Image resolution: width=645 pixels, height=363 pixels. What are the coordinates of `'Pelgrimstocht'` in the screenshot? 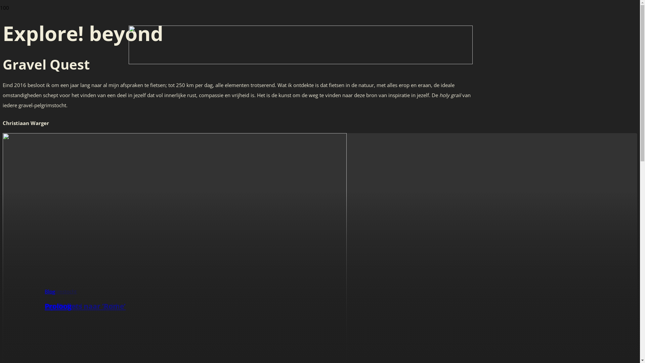 It's located at (60, 291).